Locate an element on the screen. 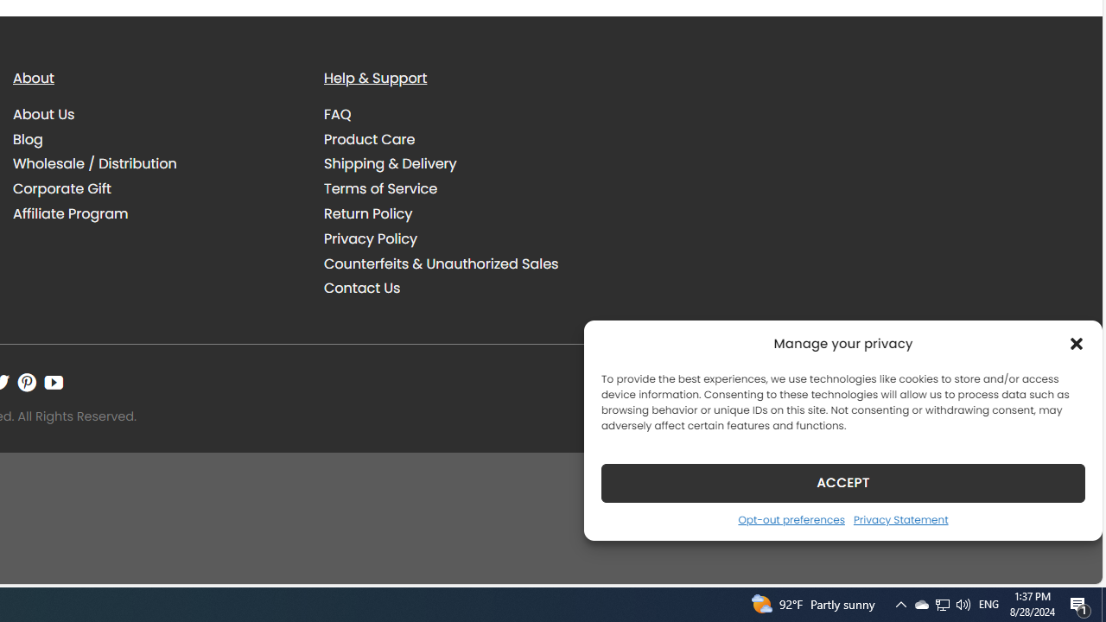 This screenshot has width=1106, height=622. 'Affiliate Program' is located at coordinates (156, 213).